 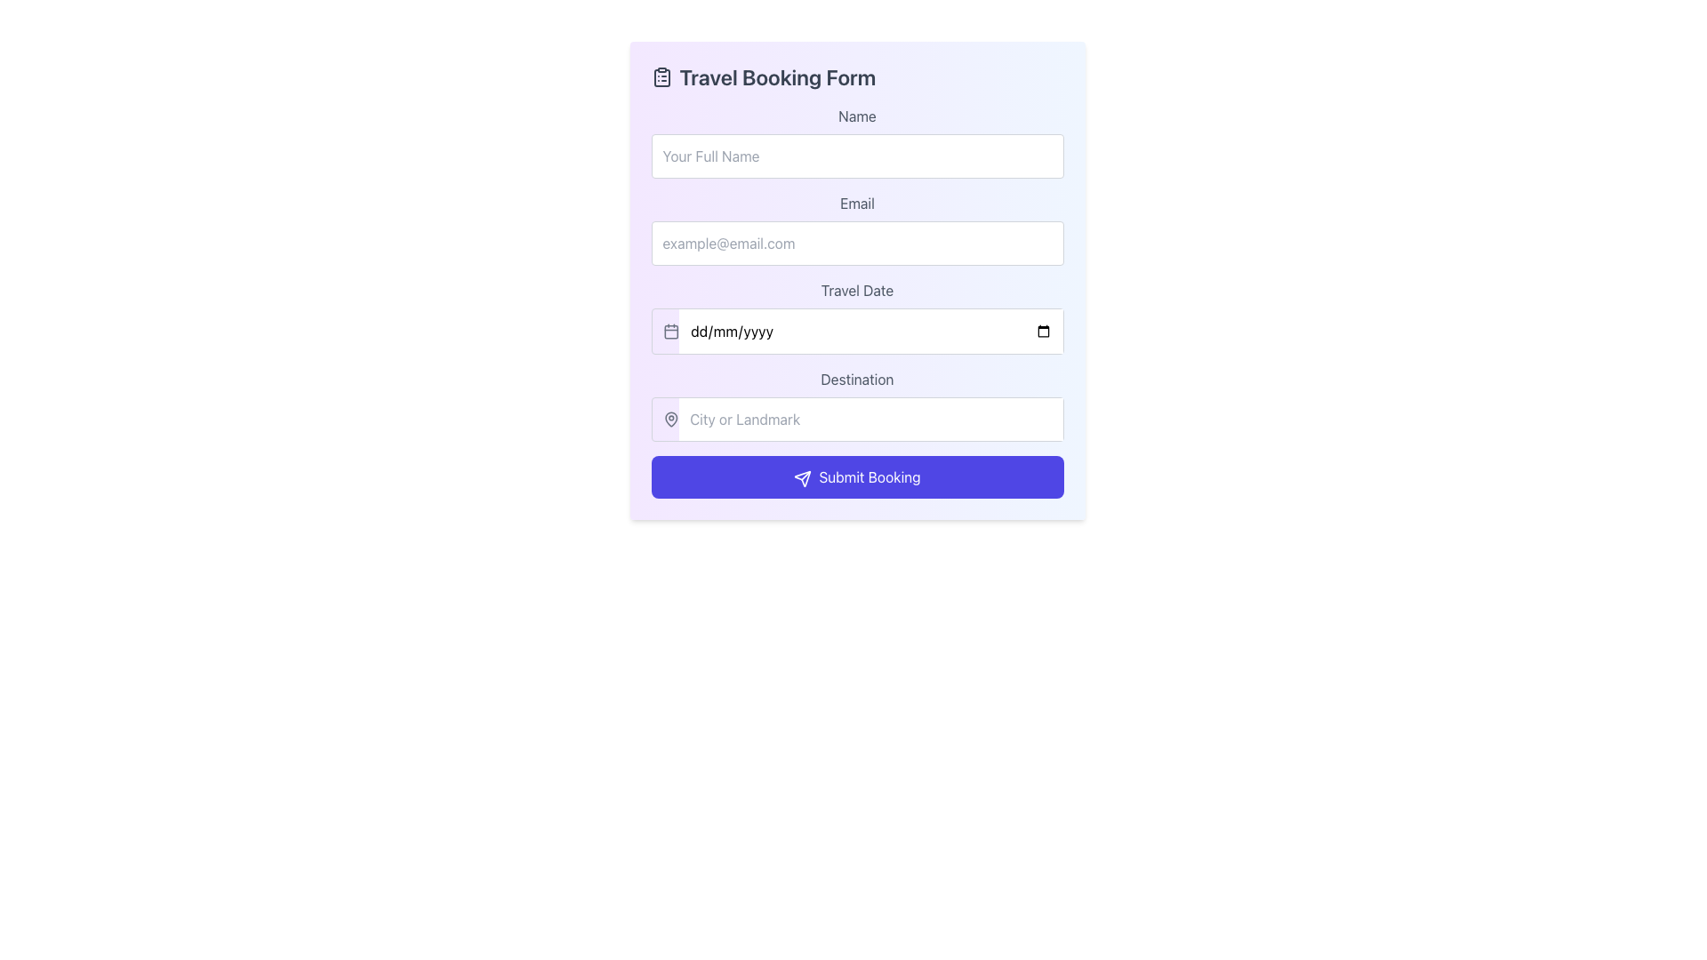 What do you see at coordinates (669, 332) in the screenshot?
I see `the calendar icon, which is an outlined square with rounded corners, located inside the 'Travel Date' input field` at bounding box center [669, 332].